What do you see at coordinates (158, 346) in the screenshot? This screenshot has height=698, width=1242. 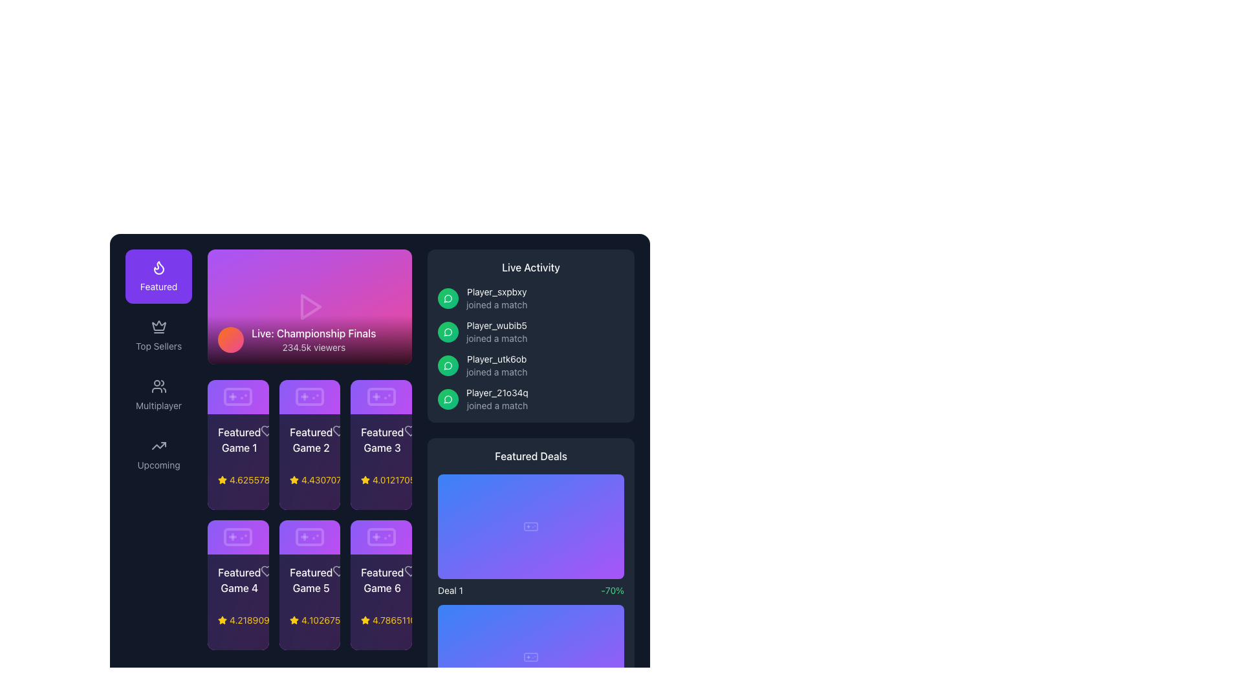 I see `the text label categorizing popular or bestselling items, which is located in the middle-left portion of the user interface, below the 'Featured' section and above the 'Multiplayer' section` at bounding box center [158, 346].